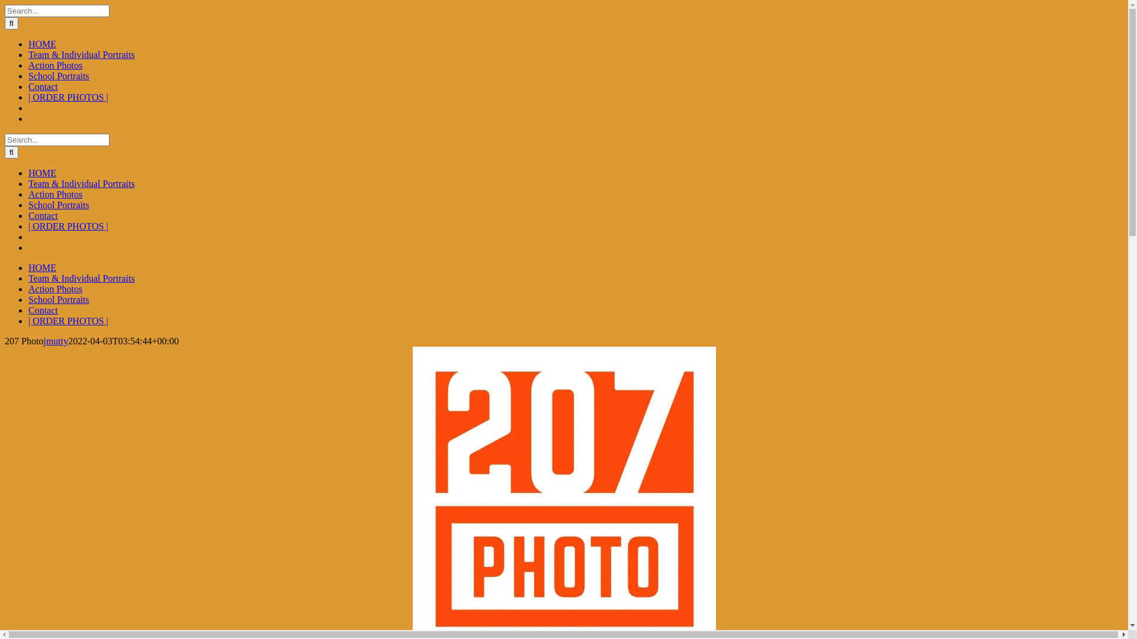 The image size is (1137, 639). Describe the element at coordinates (68, 321) in the screenshot. I see `'| ORDER PHOTOS |'` at that location.